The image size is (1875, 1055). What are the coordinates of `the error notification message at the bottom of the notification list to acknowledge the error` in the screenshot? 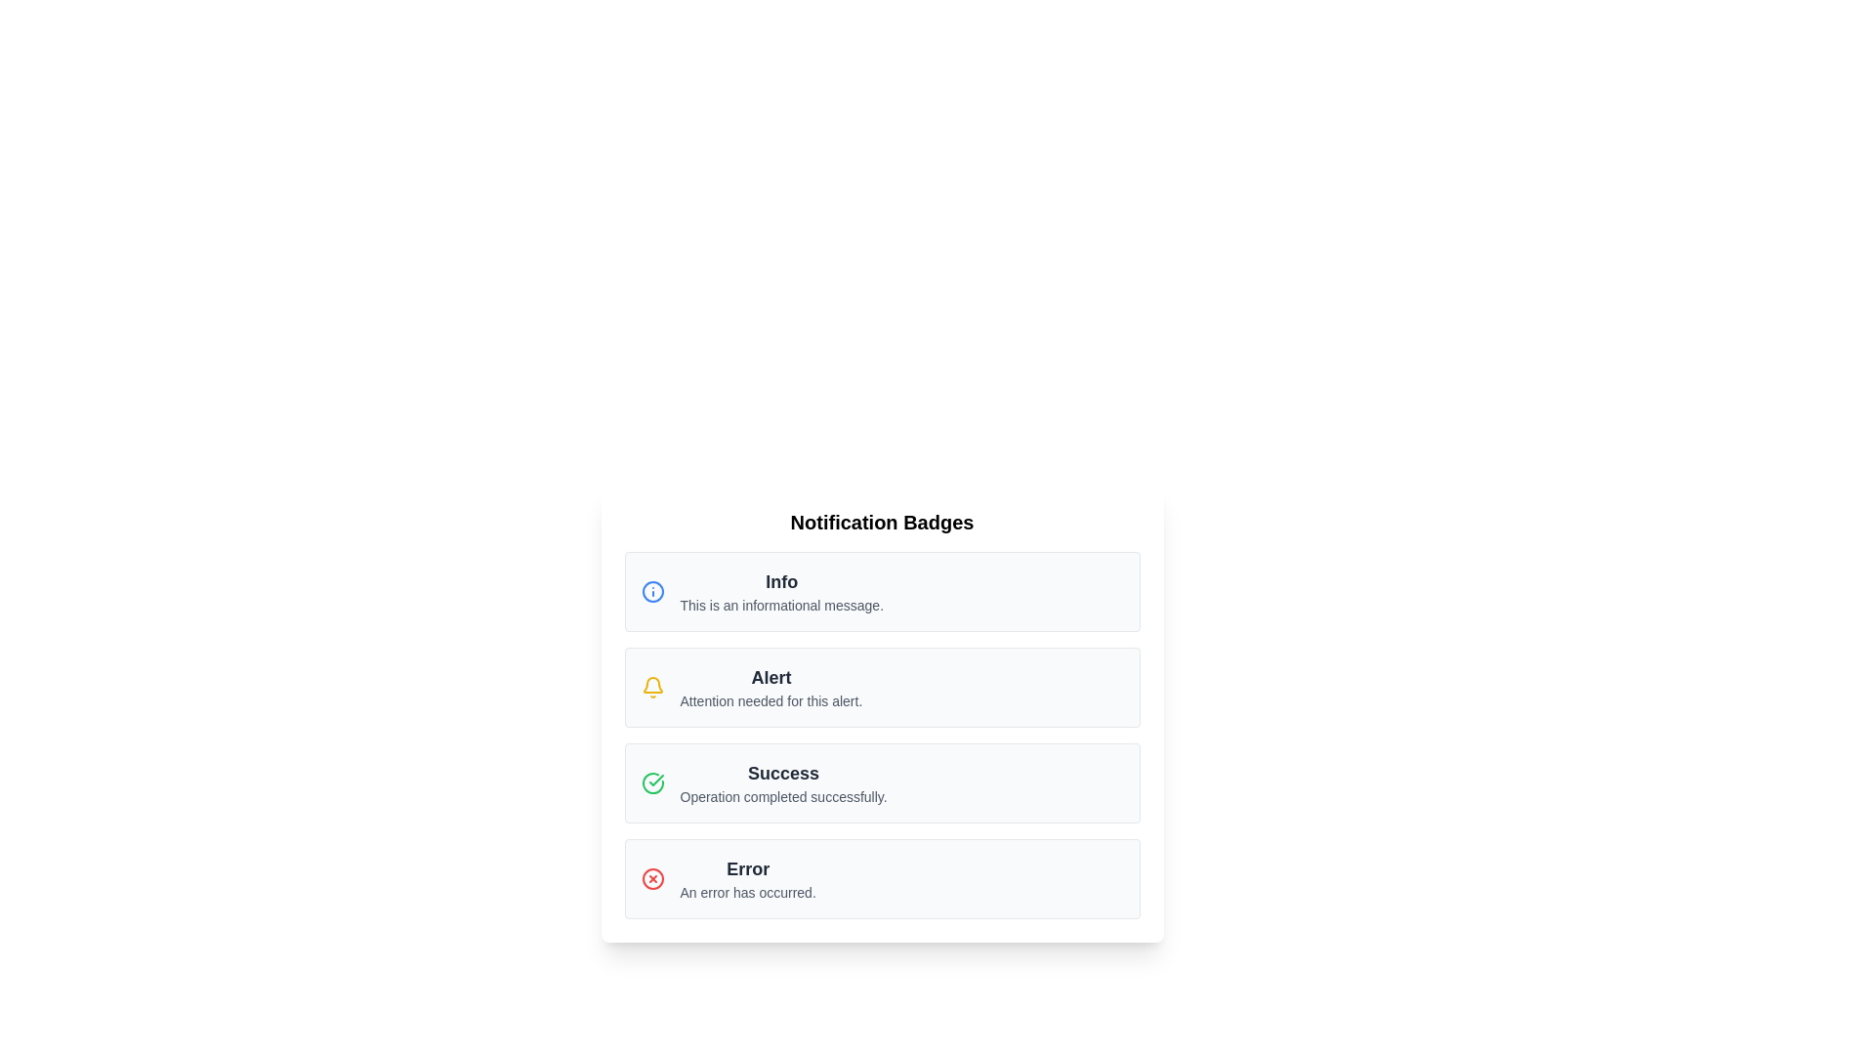 It's located at (747, 877).